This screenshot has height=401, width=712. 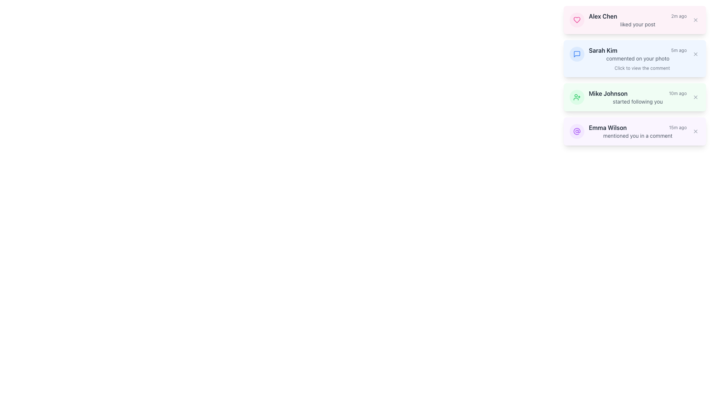 I want to click on the follow icon located to the left of the text 'Mike Johnson started following you' in the notification card with a light green background, so click(x=576, y=97).